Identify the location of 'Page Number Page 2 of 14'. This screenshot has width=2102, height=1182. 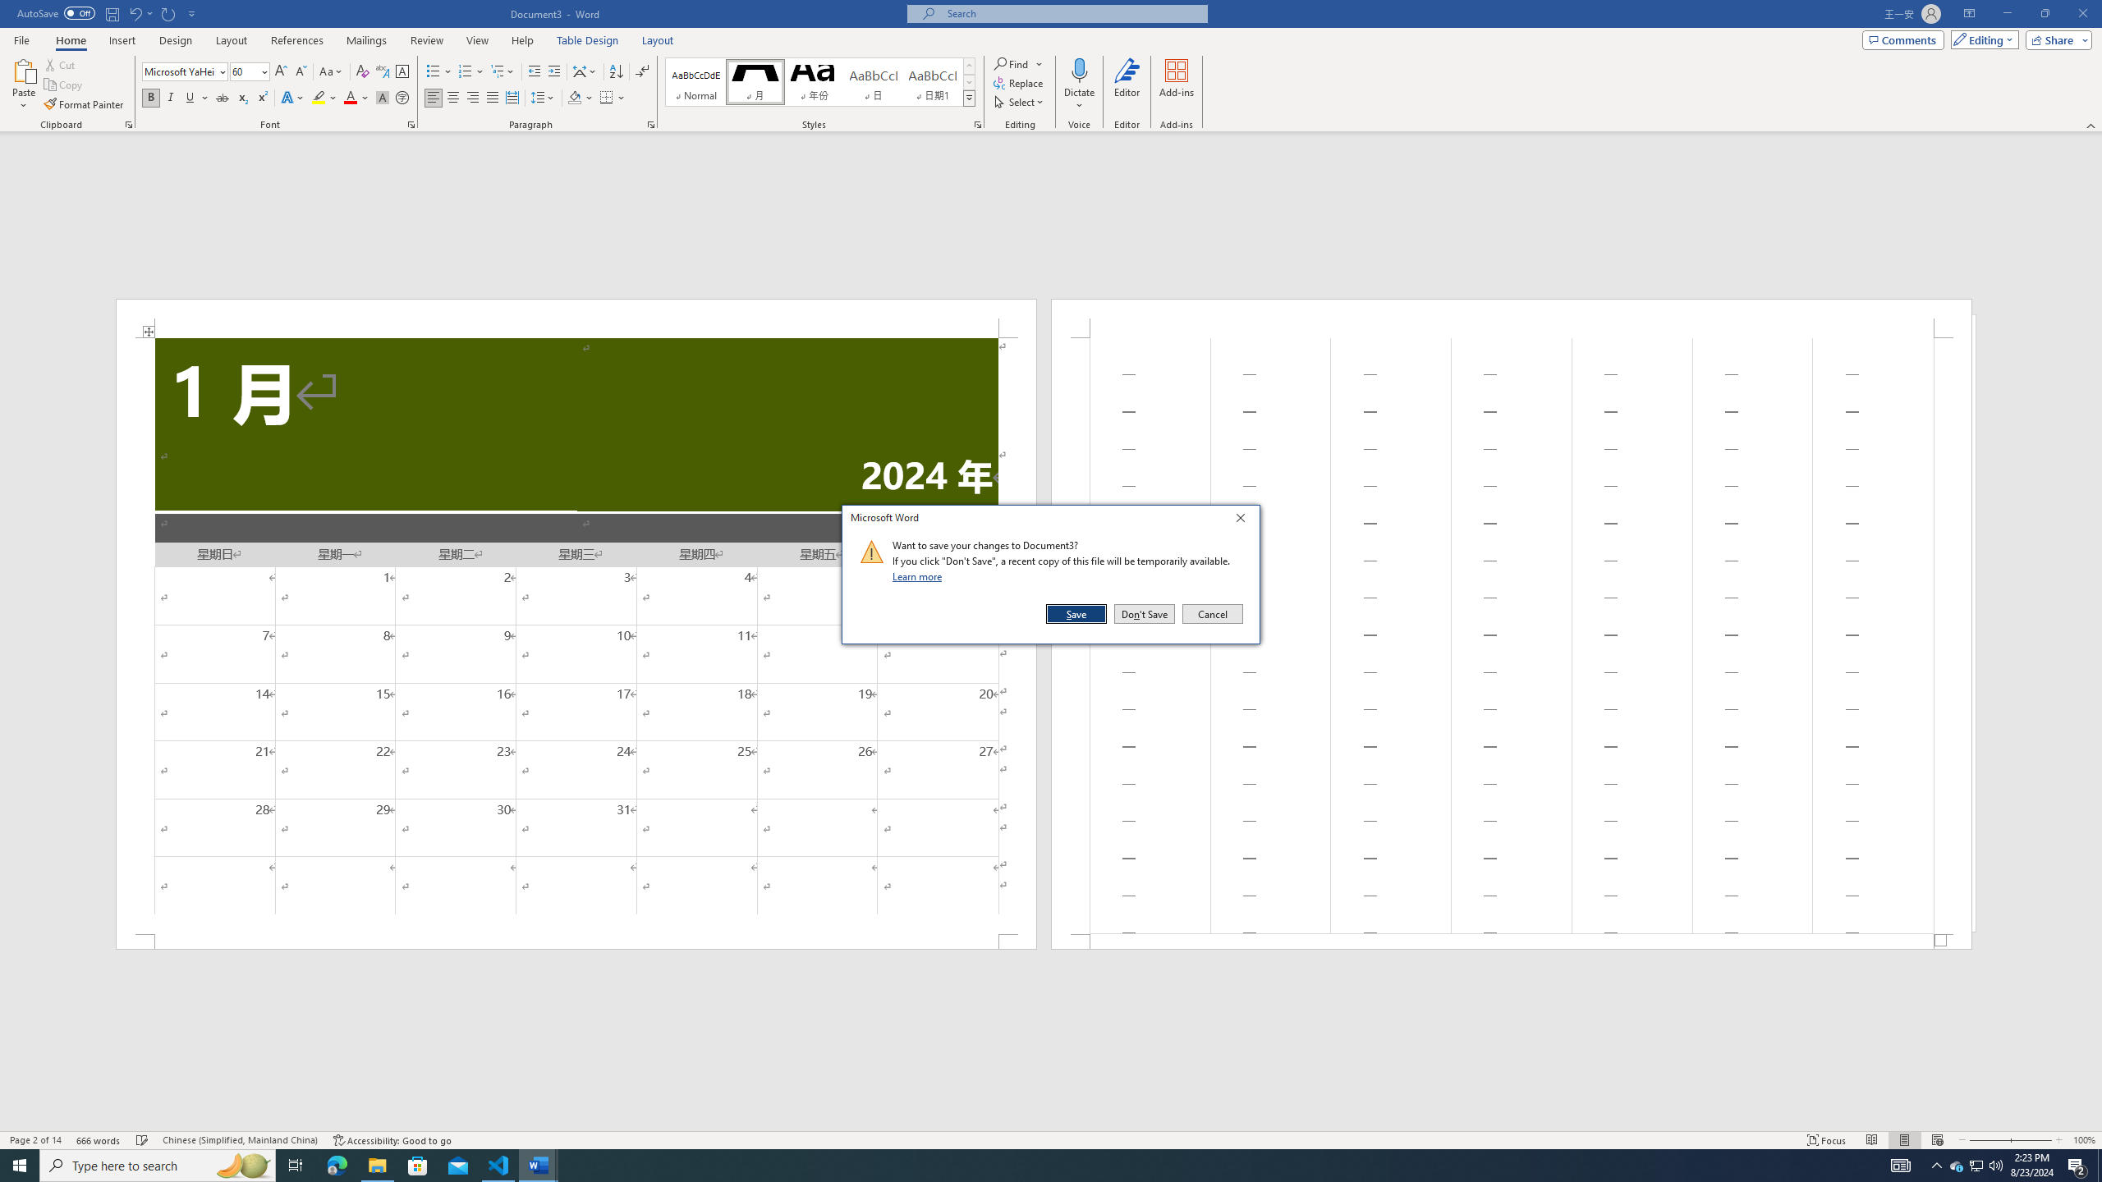
(34, 1140).